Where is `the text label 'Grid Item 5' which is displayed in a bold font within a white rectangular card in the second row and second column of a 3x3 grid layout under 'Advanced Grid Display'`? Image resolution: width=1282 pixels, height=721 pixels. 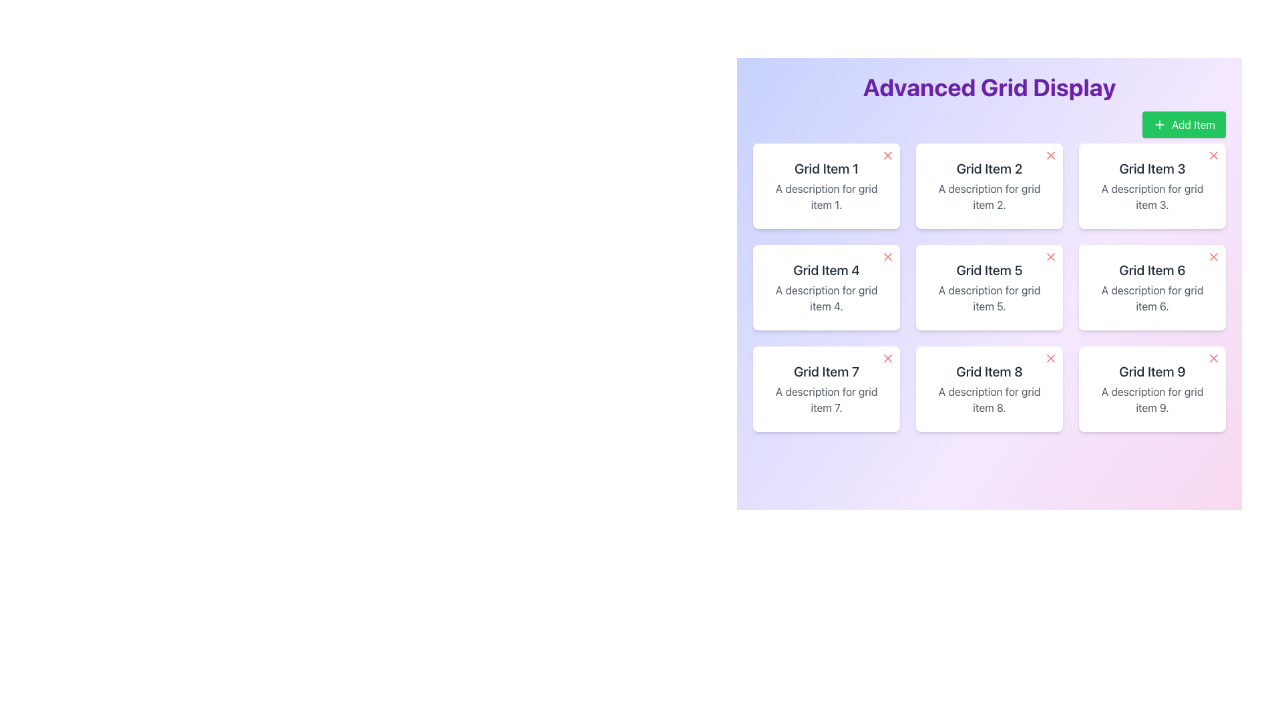 the text label 'Grid Item 5' which is displayed in a bold font within a white rectangular card in the second row and second column of a 3x3 grid layout under 'Advanced Grid Display' is located at coordinates (990, 270).